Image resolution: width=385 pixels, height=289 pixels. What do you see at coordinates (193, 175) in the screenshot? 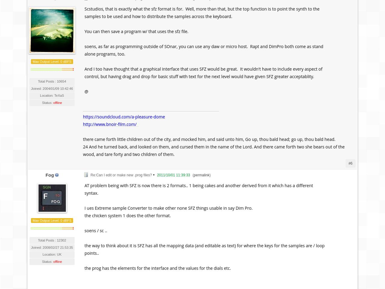
I see `'permalink'` at bounding box center [193, 175].